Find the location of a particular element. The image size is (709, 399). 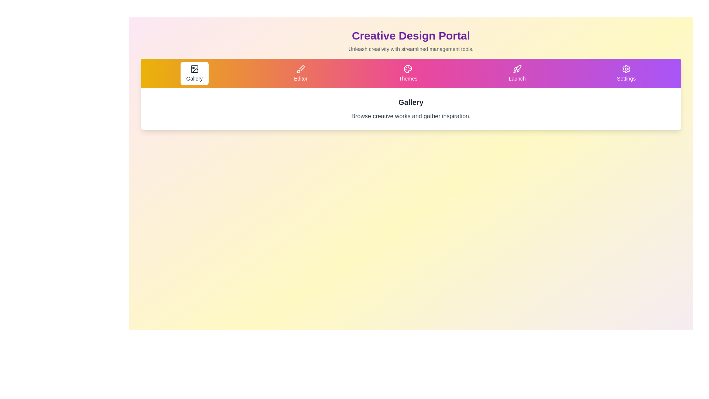

the 'Themes' navigation button located third from the left in the horizontal navigation bar is located at coordinates (408, 74).